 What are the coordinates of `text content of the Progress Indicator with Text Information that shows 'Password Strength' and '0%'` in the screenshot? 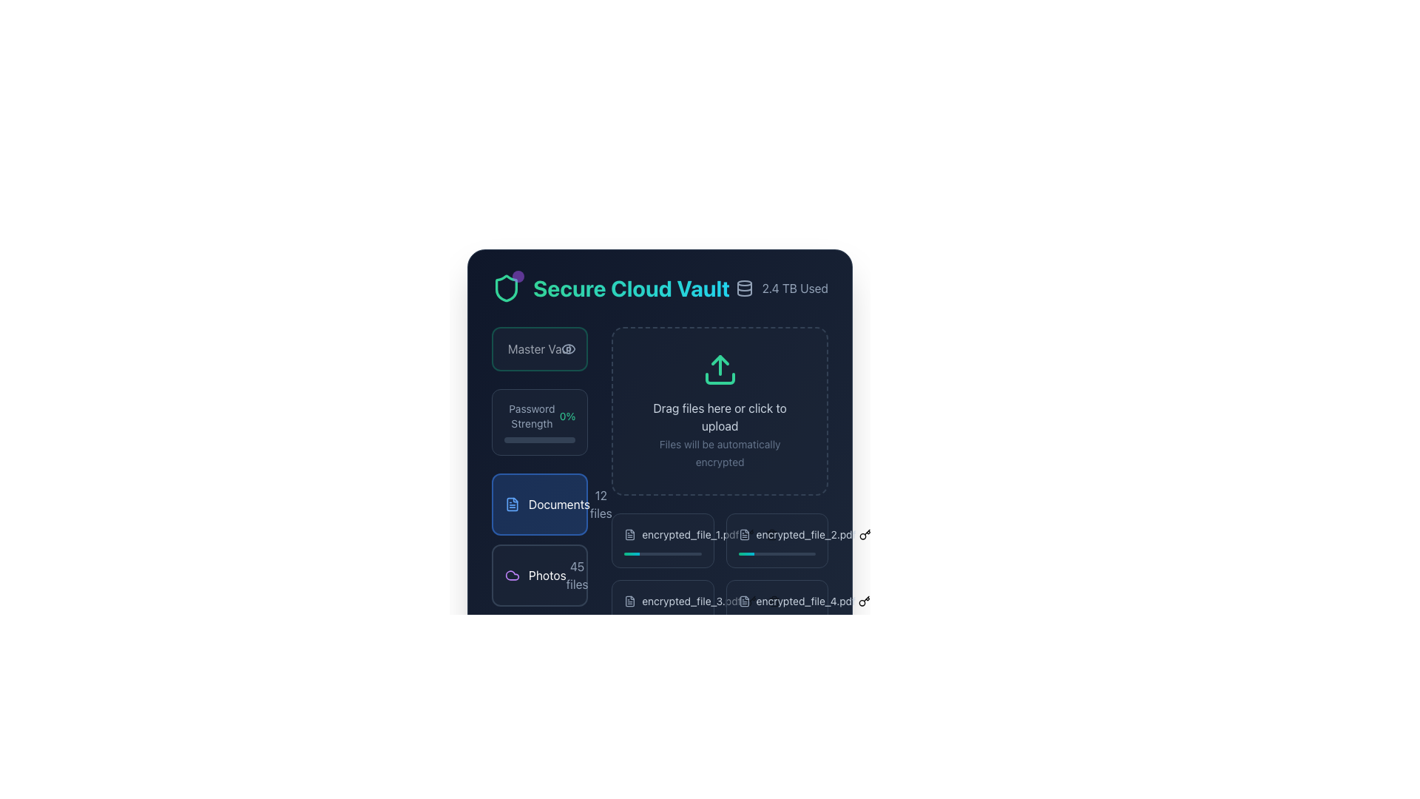 It's located at (539, 422).